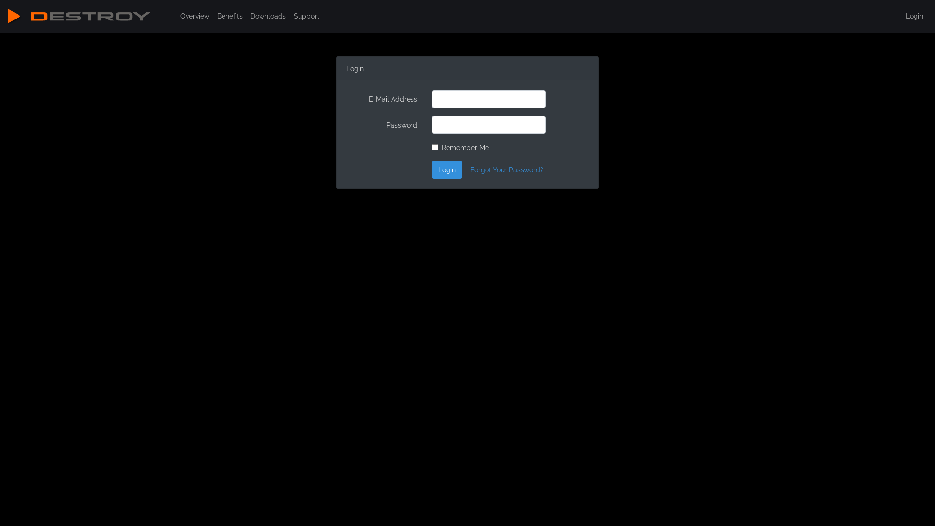 Image resolution: width=935 pixels, height=526 pixels. Describe the element at coordinates (914, 16) in the screenshot. I see `'Login'` at that location.